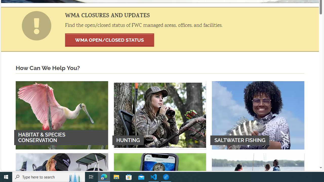 Image resolution: width=324 pixels, height=182 pixels. What do you see at coordinates (109, 40) in the screenshot?
I see `'WMA OPEN/CLOSED STATUS'` at bounding box center [109, 40].